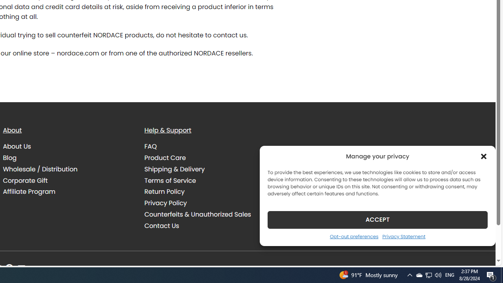 The width and height of the screenshot is (503, 283). Describe the element at coordinates (17, 146) in the screenshot. I see `'About Us'` at that location.